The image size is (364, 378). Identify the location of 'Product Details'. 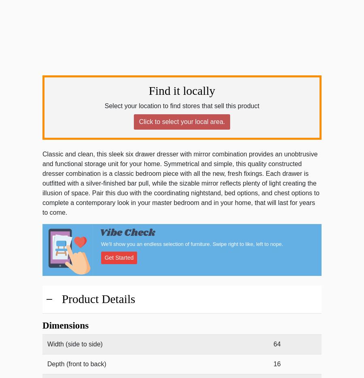
(98, 299).